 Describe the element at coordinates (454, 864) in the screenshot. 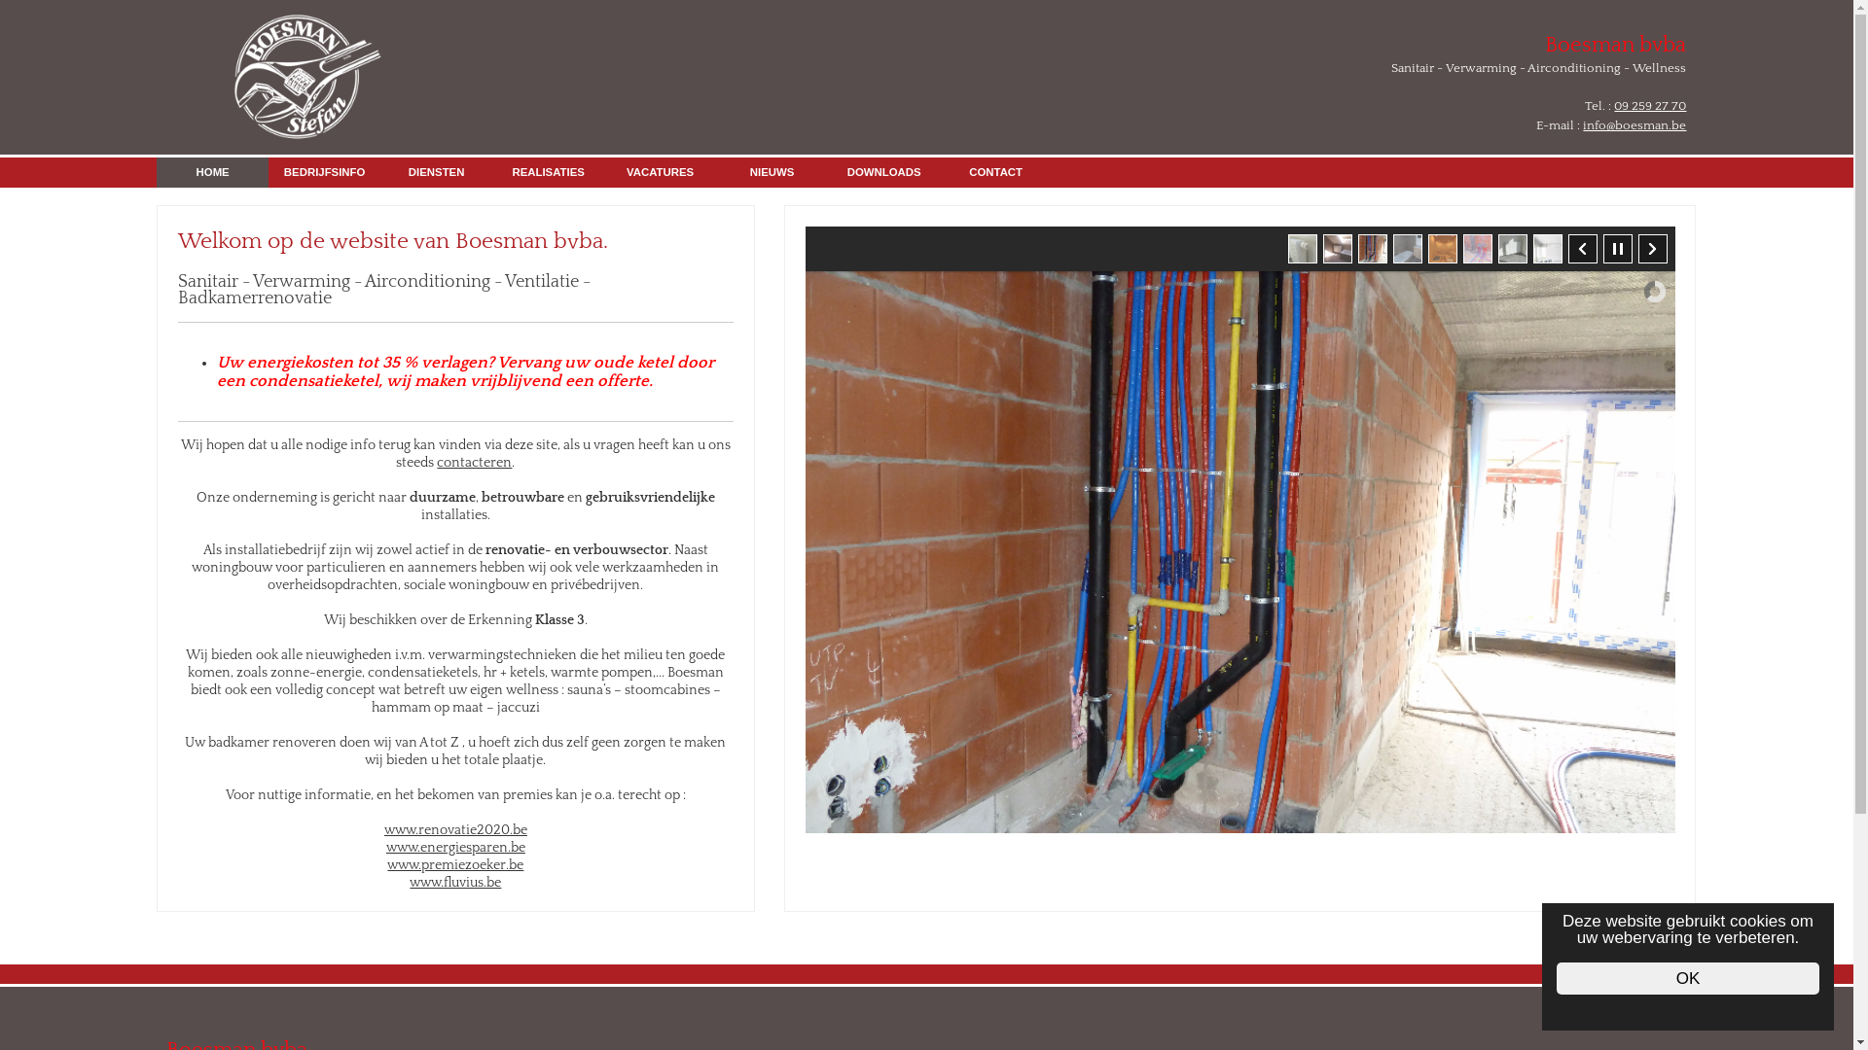

I see `'www.premiezoeker.be'` at that location.